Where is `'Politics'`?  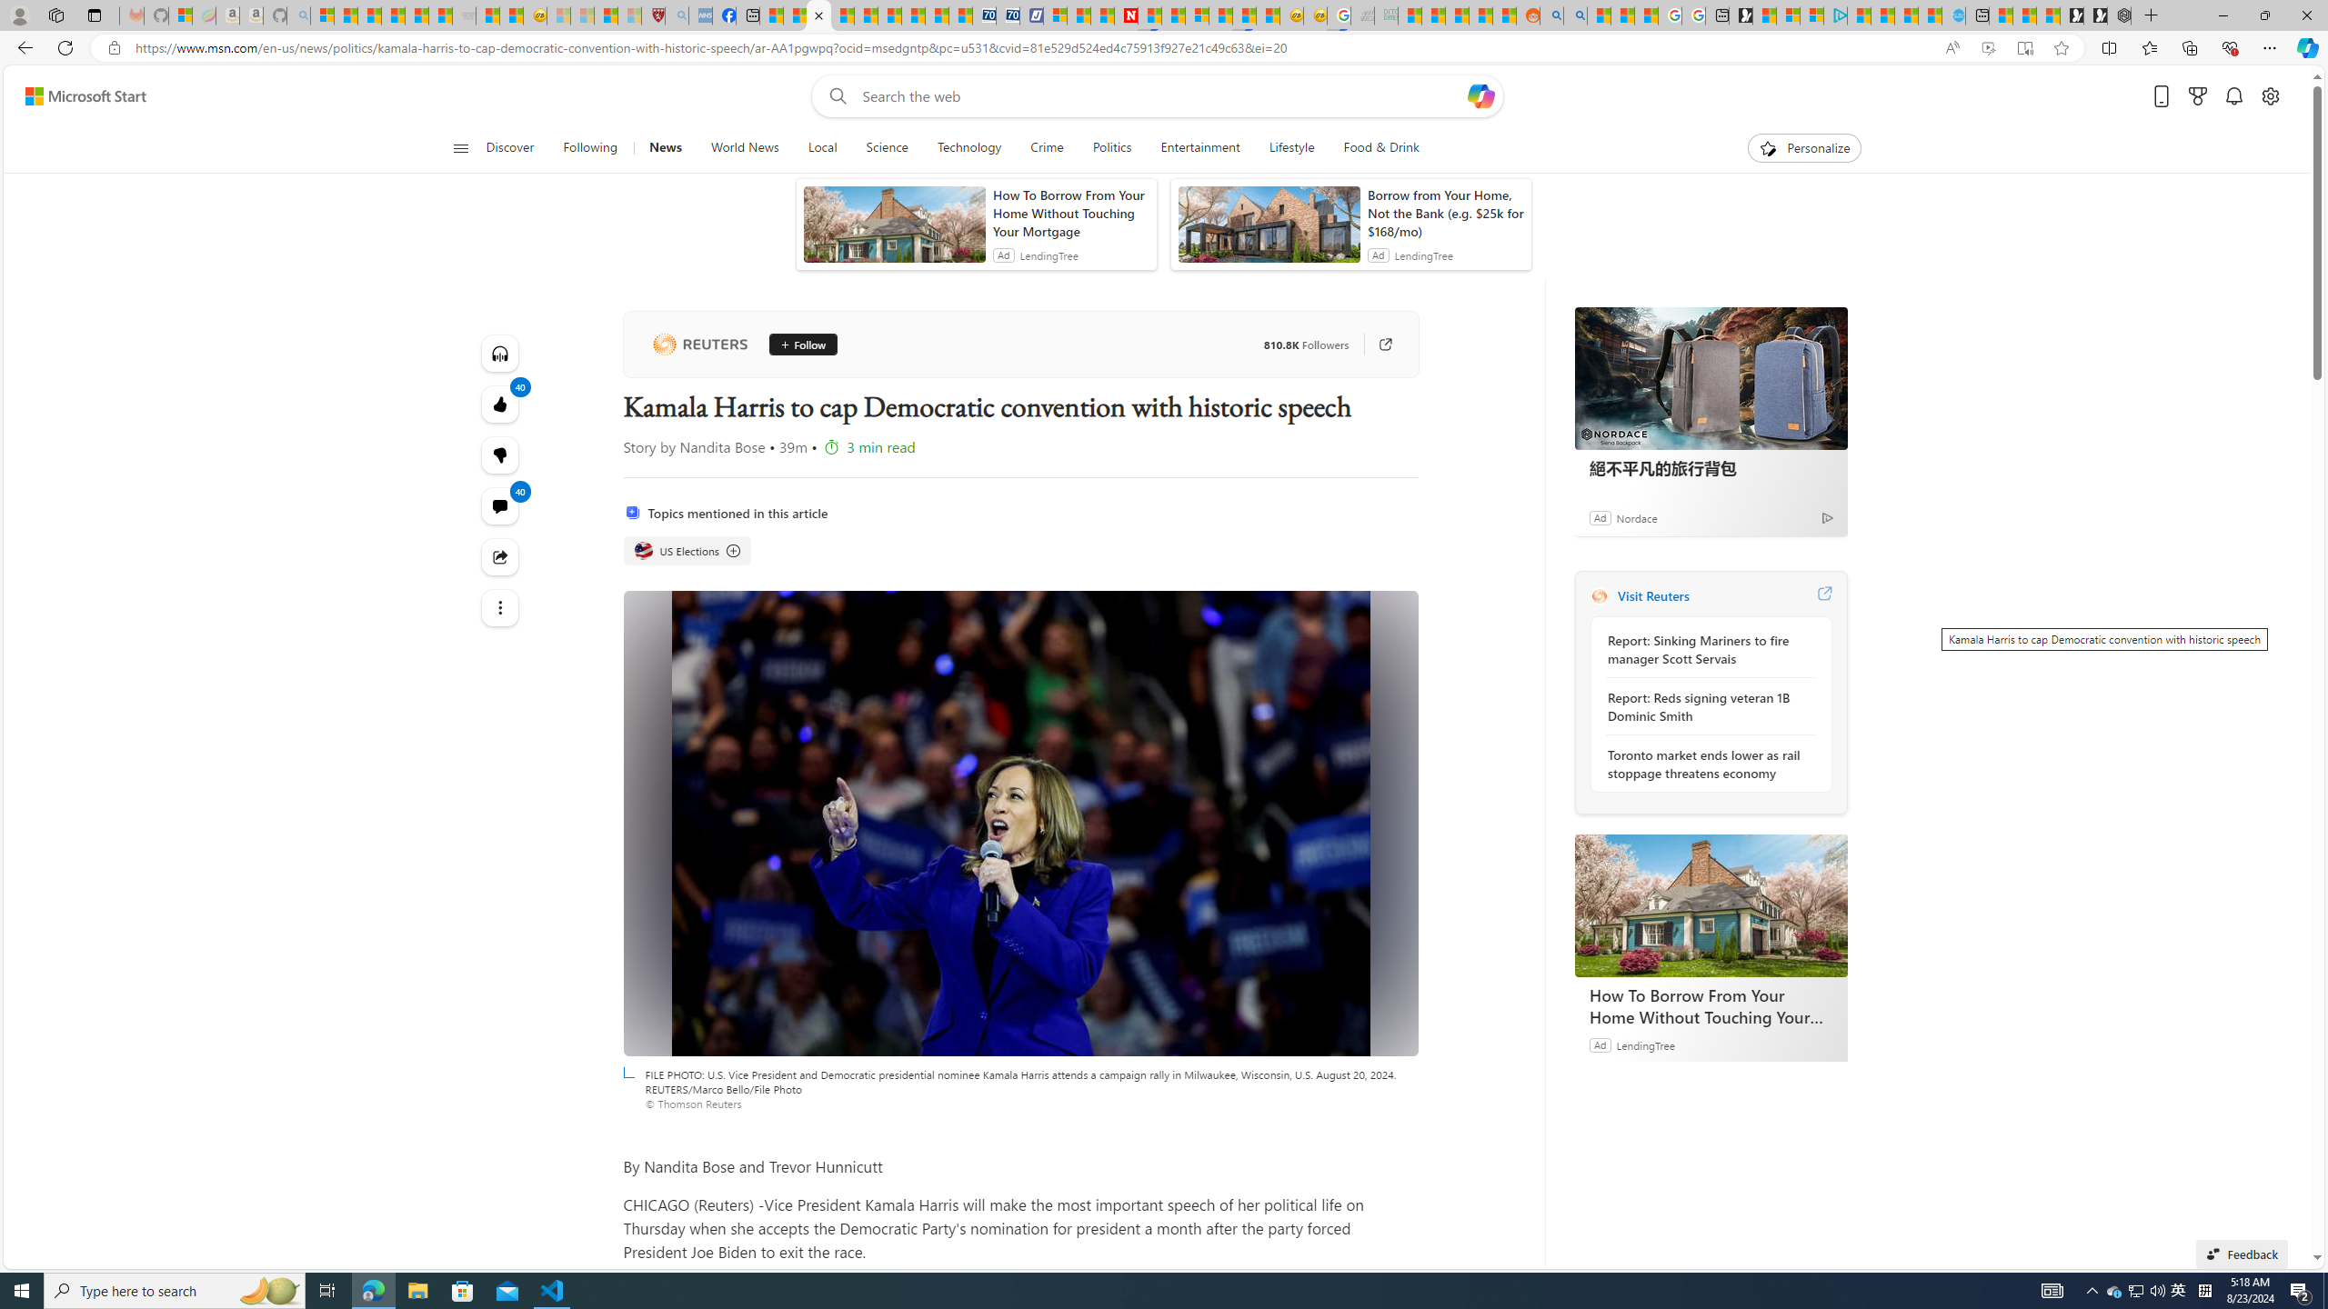
'Politics' is located at coordinates (1111, 147).